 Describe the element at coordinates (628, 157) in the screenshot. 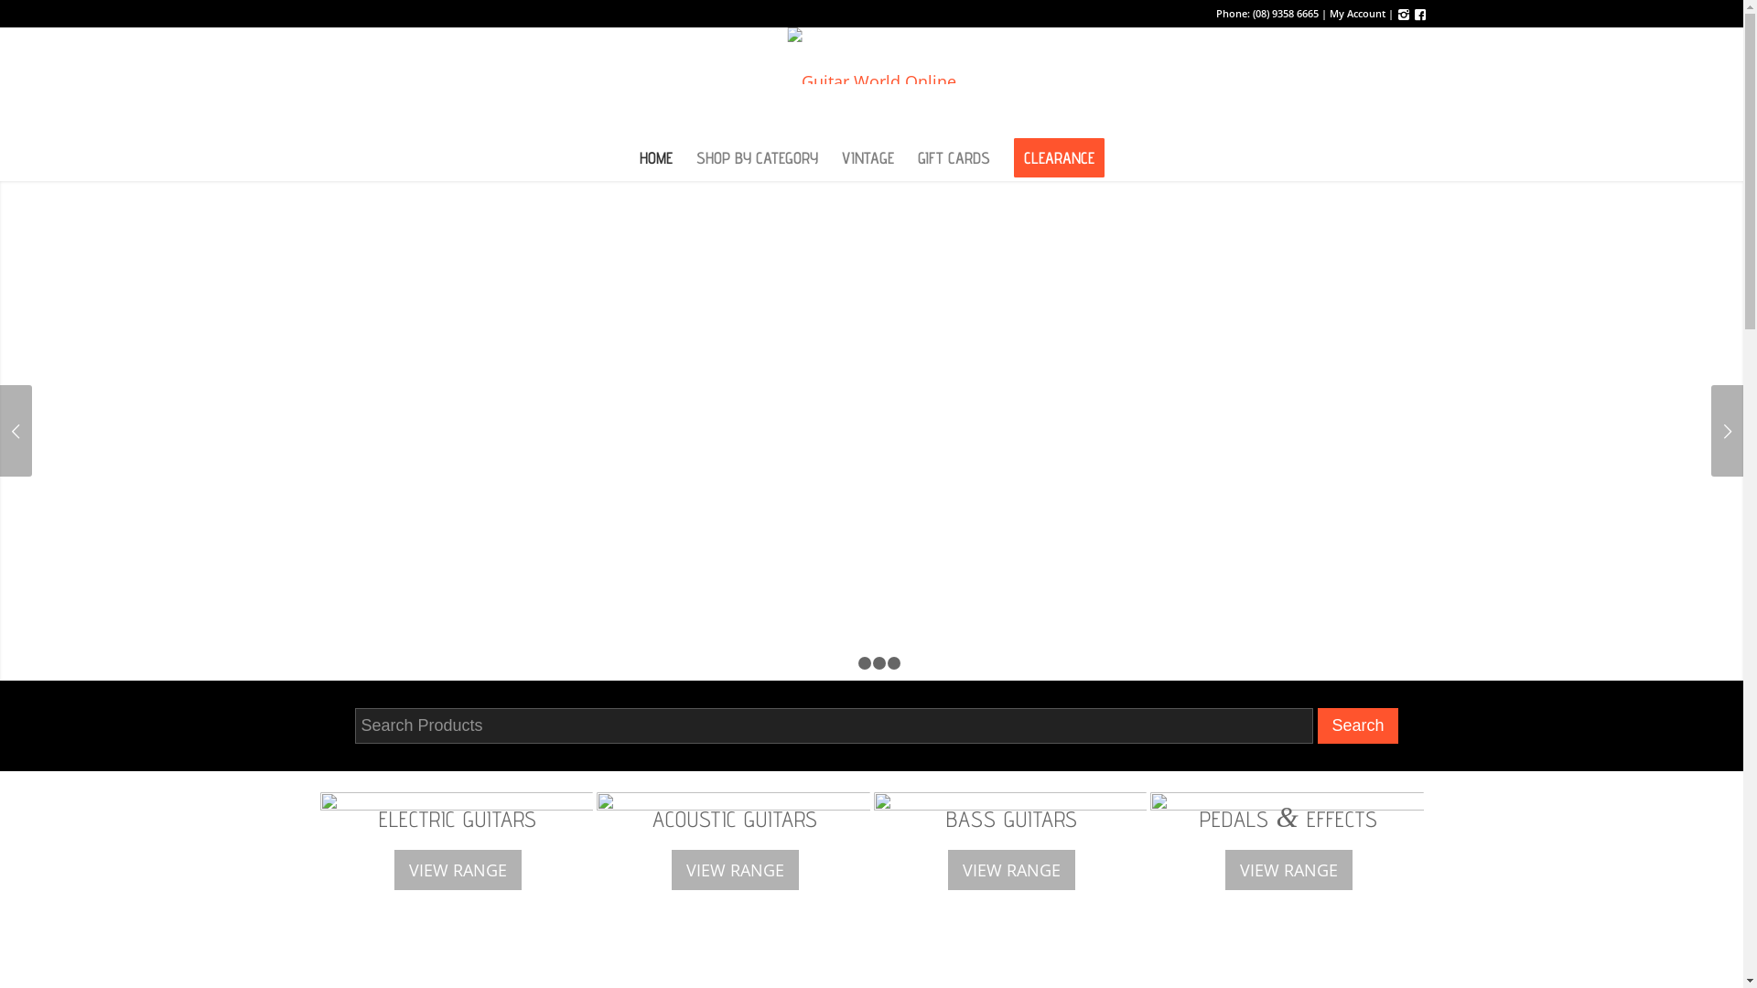

I see `'HOME'` at that location.